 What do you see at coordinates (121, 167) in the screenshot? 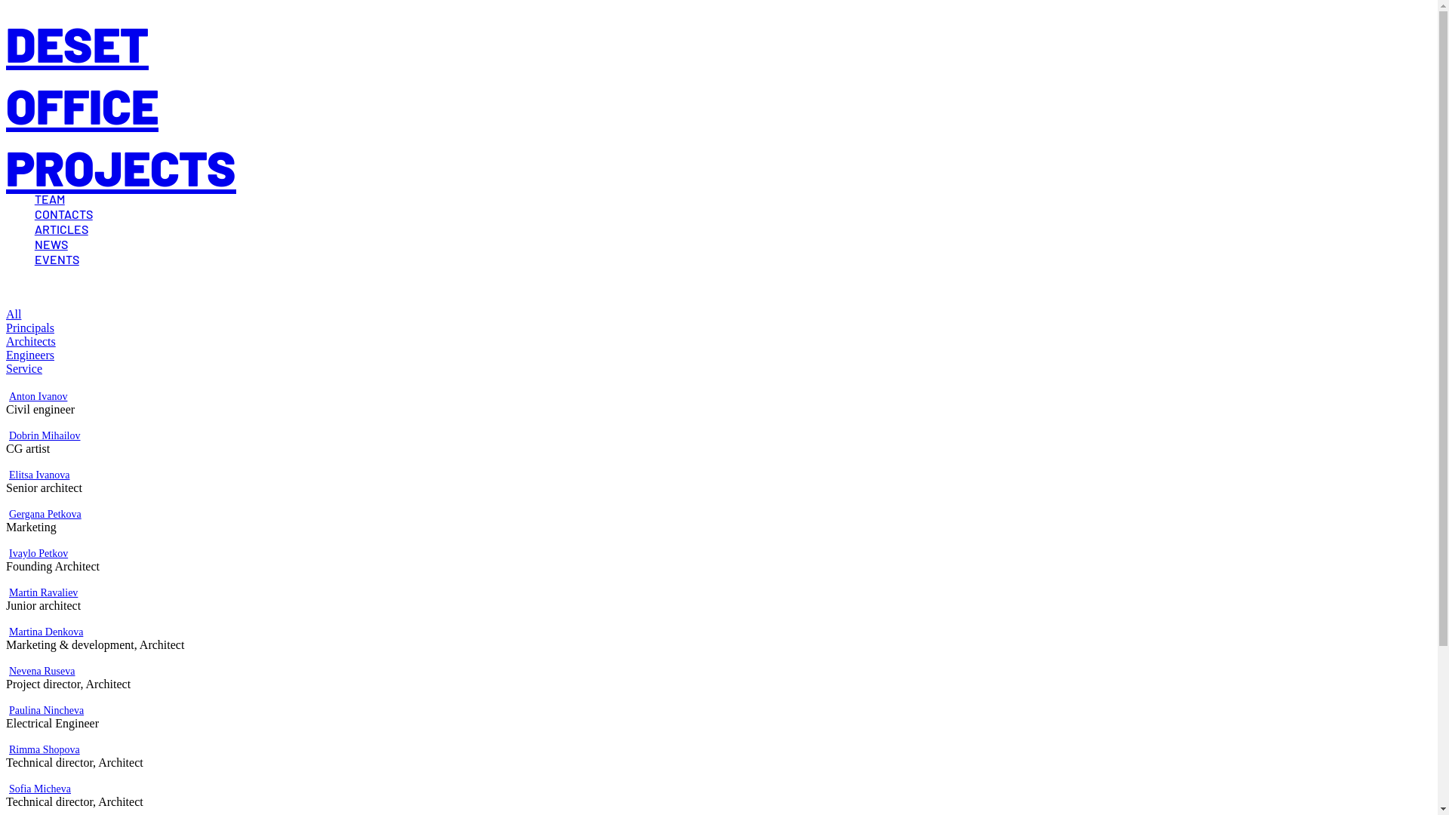
I see `'PROJECTS'` at bounding box center [121, 167].